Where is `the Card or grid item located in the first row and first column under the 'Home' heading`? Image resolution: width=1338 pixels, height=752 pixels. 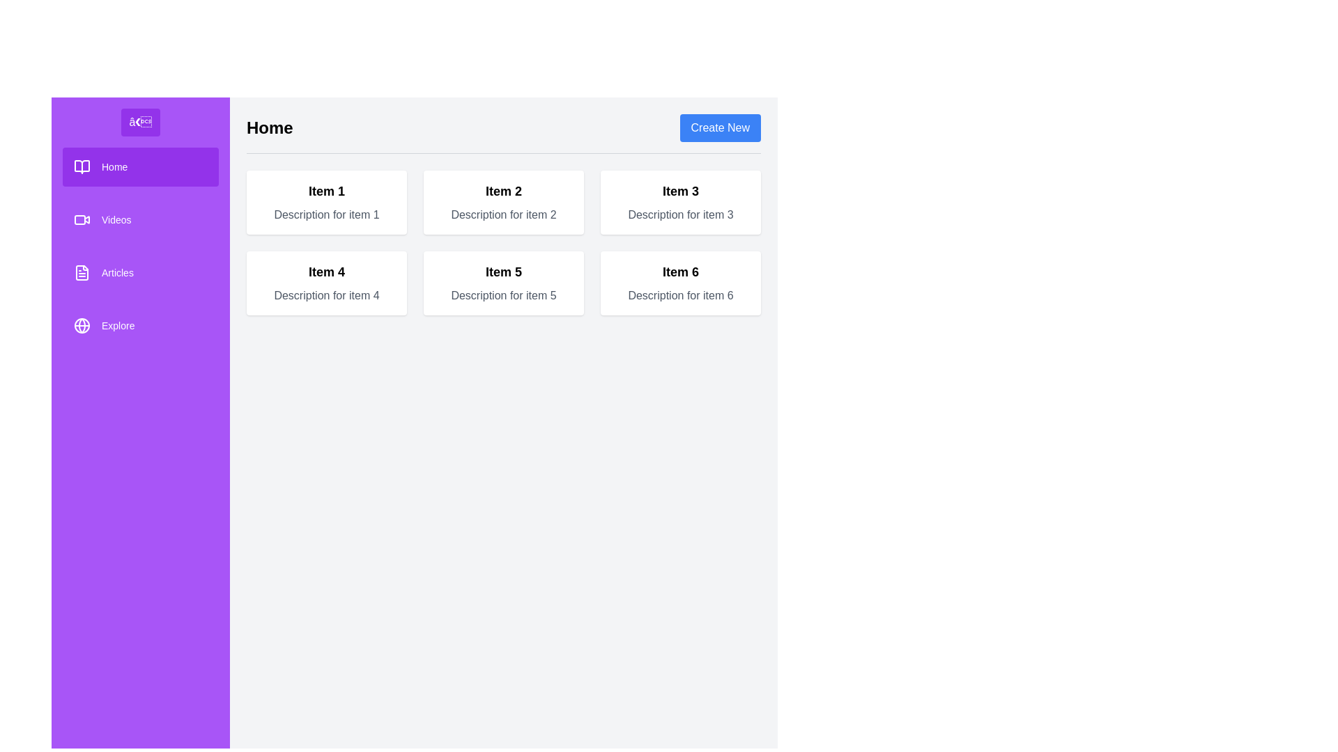 the Card or grid item located in the first row and first column under the 'Home' heading is located at coordinates (326, 202).